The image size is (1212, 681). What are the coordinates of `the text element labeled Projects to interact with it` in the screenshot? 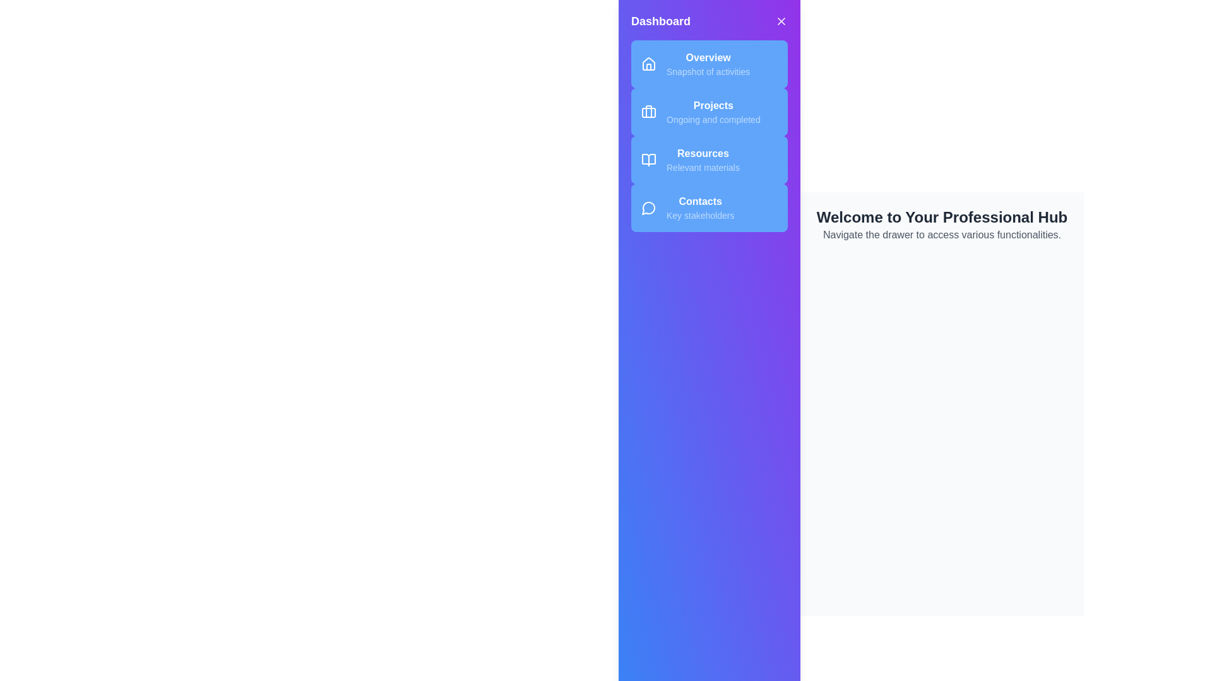 It's located at (713, 105).